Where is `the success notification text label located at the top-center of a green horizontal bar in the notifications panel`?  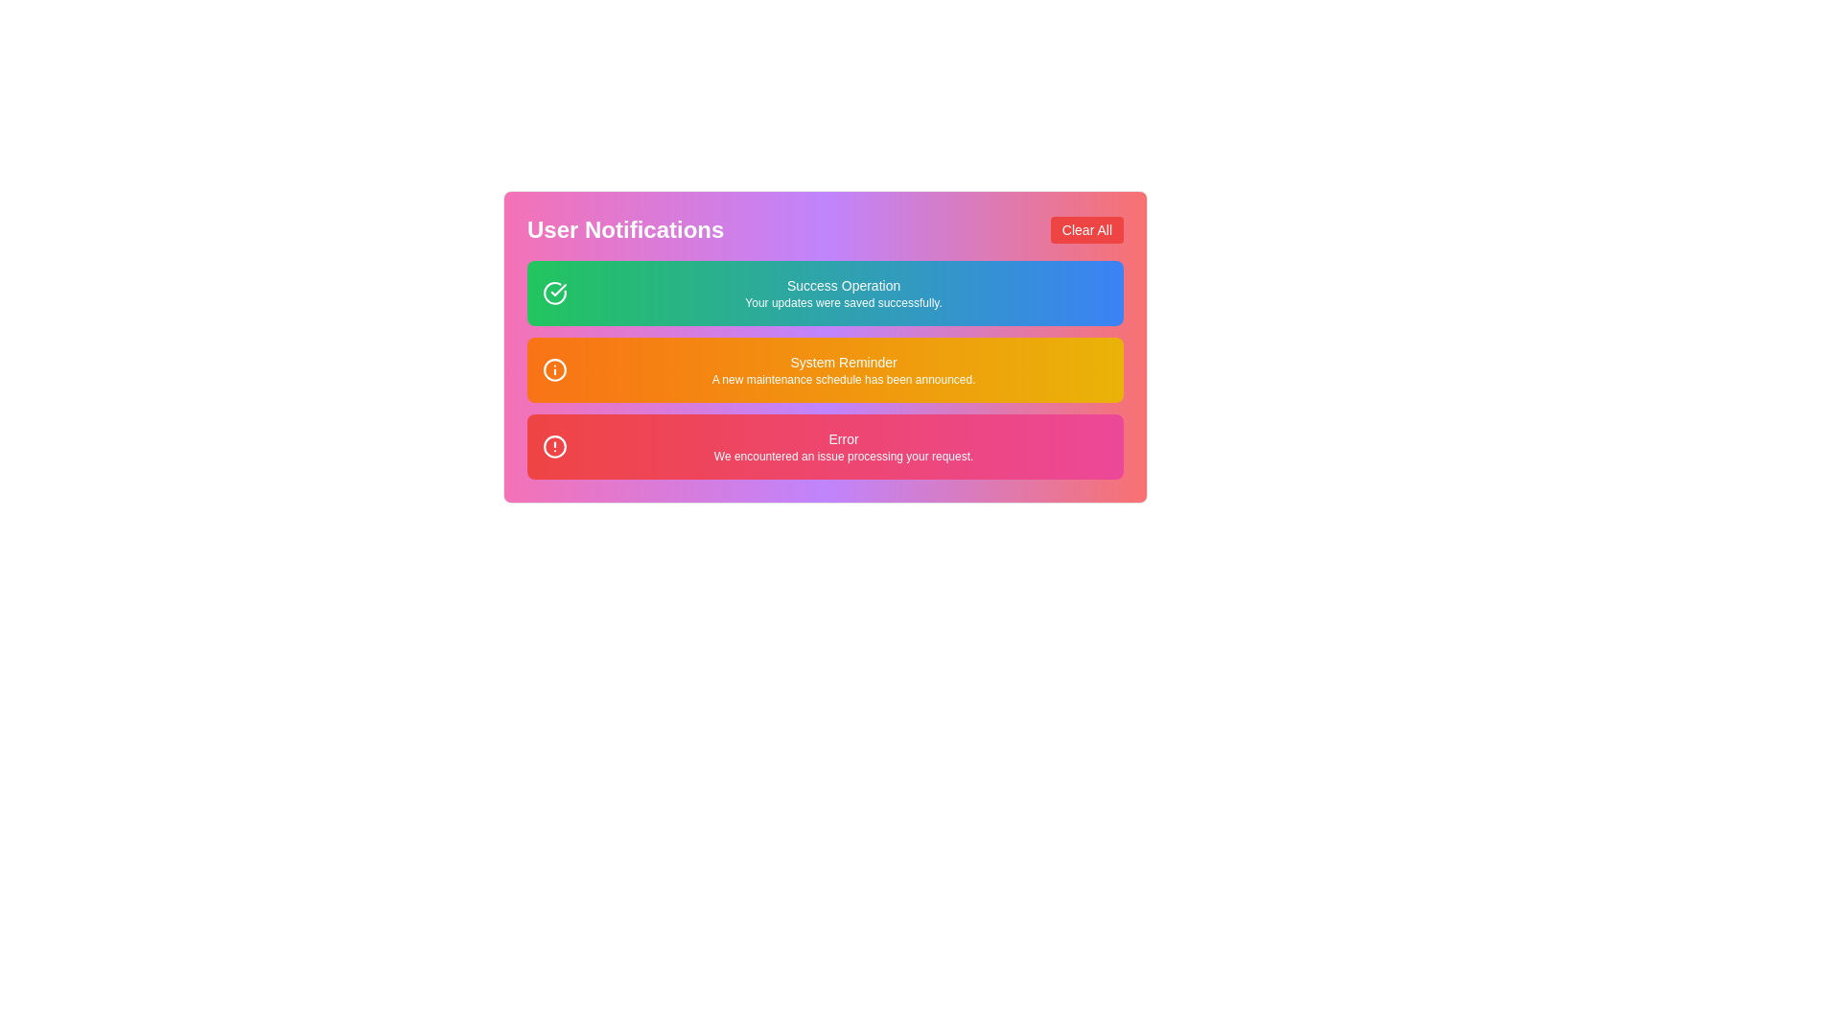
the success notification text label located at the top-center of a green horizontal bar in the notifications panel is located at coordinates (844, 285).